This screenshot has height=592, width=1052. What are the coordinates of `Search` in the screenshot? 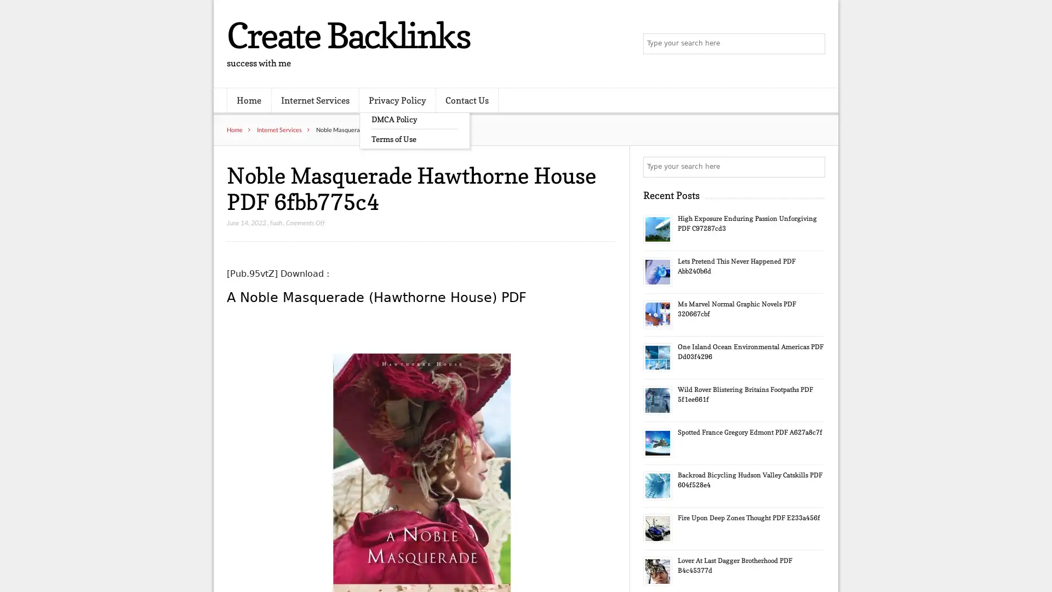 It's located at (814, 167).